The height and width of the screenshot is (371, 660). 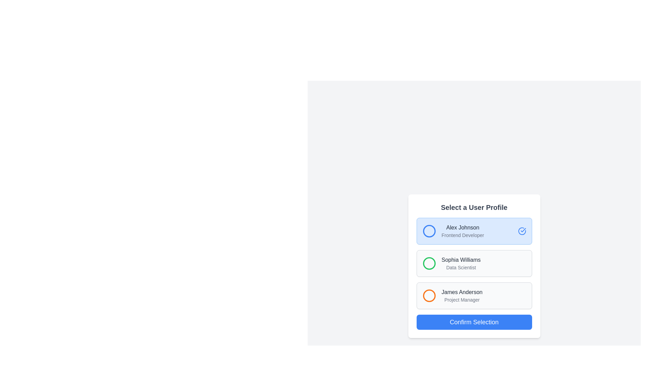 What do you see at coordinates (463, 231) in the screenshot?
I see `the 'Alex Johnson' Text Display element, which shows the user's name and job title in a bold, dark gray font over a light blue background` at bounding box center [463, 231].